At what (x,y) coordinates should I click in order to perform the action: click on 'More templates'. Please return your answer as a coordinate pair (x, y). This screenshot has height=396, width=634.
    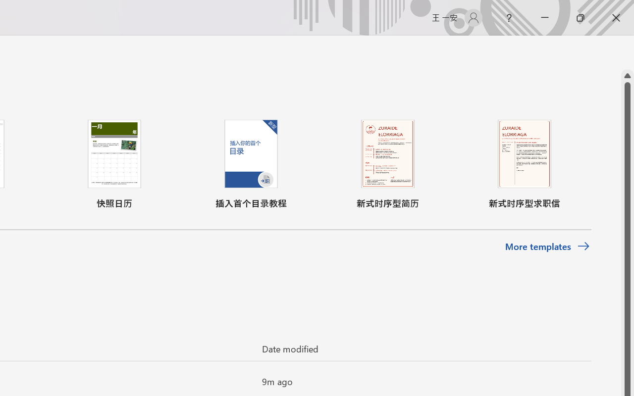
    Looking at the image, I should click on (547, 247).